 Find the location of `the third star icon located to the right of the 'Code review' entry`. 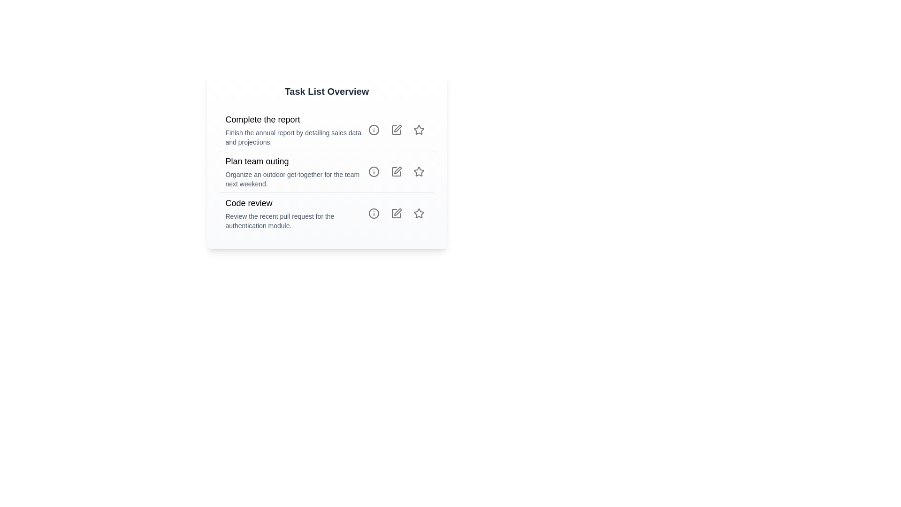

the third star icon located to the right of the 'Code review' entry is located at coordinates (418, 213).